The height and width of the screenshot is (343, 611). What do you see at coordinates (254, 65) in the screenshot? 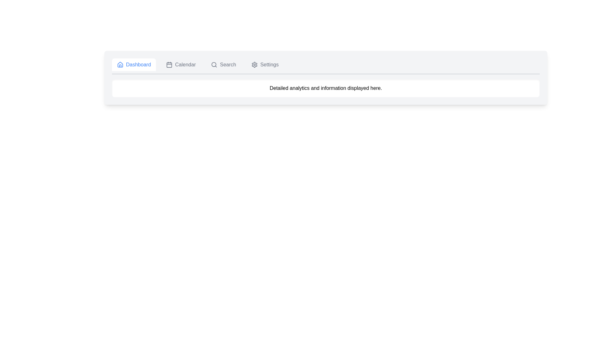
I see `the gear-shaped icon in the header navigation bar that signifies settings functionality, located immediately to the left of the word 'Settings'` at bounding box center [254, 65].